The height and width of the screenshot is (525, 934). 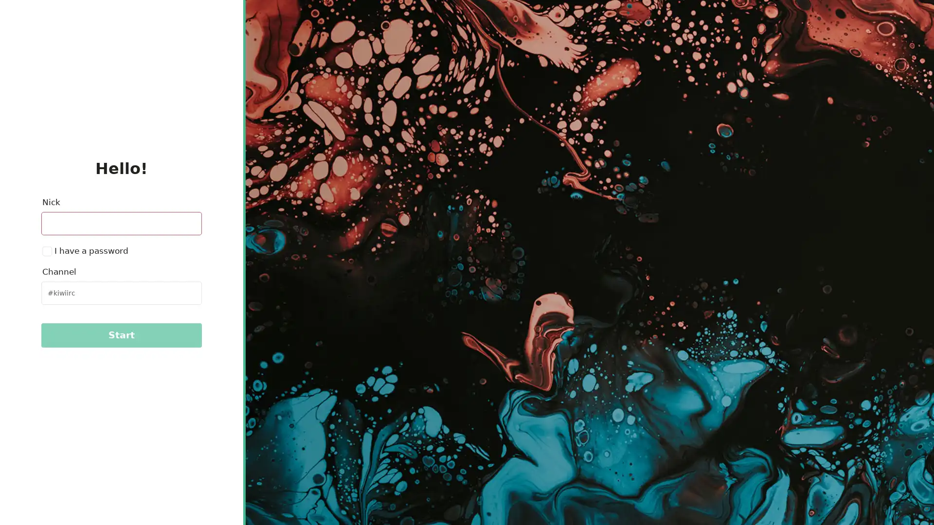 What do you see at coordinates (121, 334) in the screenshot?
I see `Start` at bounding box center [121, 334].